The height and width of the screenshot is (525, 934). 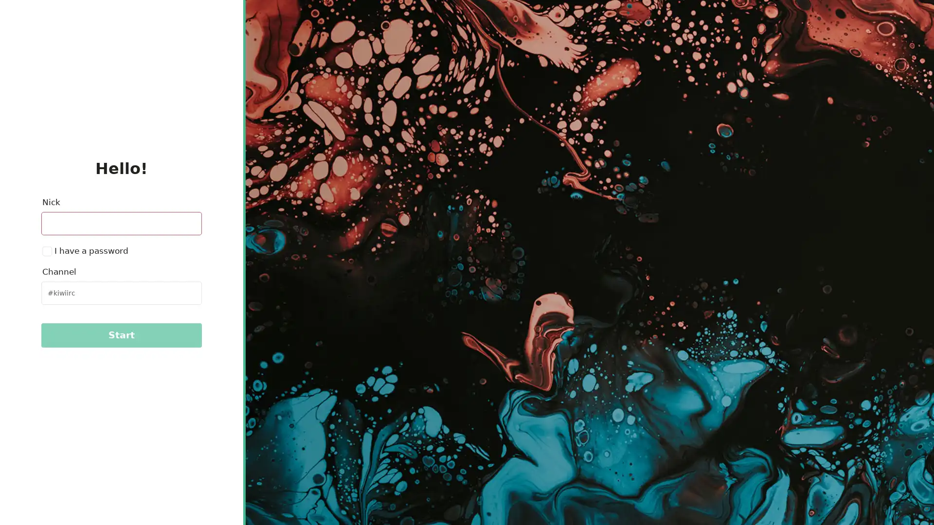 What do you see at coordinates (121, 334) in the screenshot?
I see `Start` at bounding box center [121, 334].